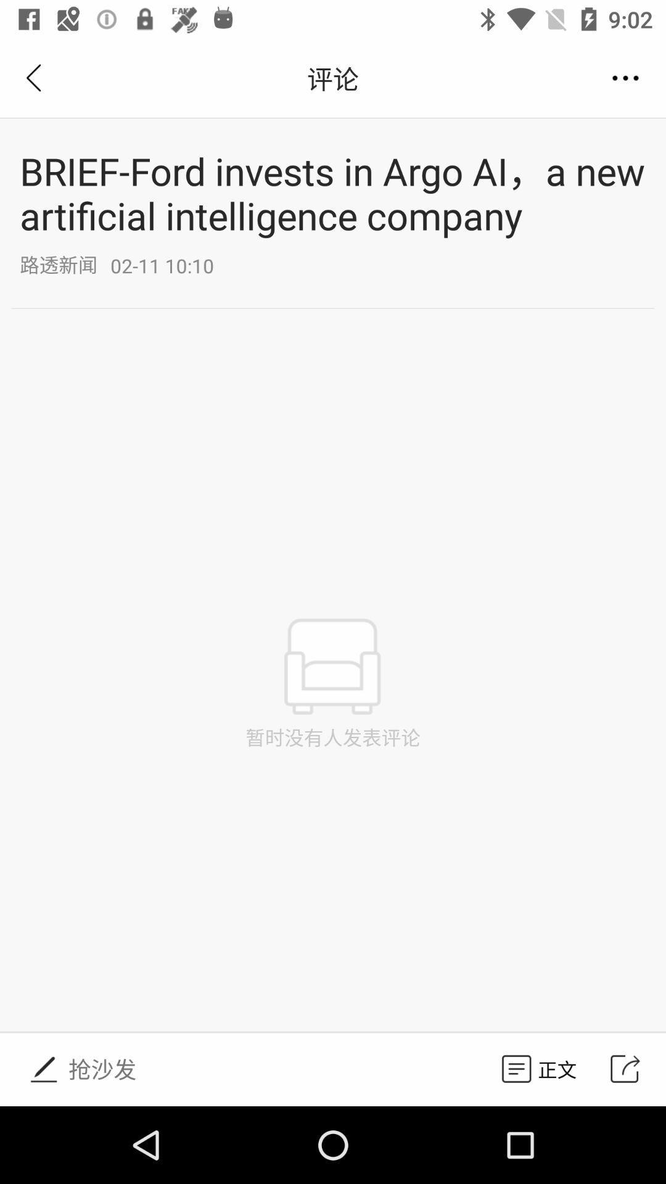 The height and width of the screenshot is (1184, 666). What do you see at coordinates (35, 78) in the screenshot?
I see `the previous button` at bounding box center [35, 78].